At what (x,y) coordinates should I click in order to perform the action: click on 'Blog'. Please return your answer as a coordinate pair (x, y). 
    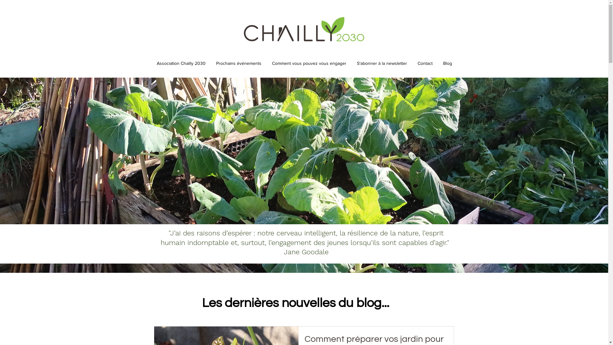
    Looking at the image, I should click on (438, 63).